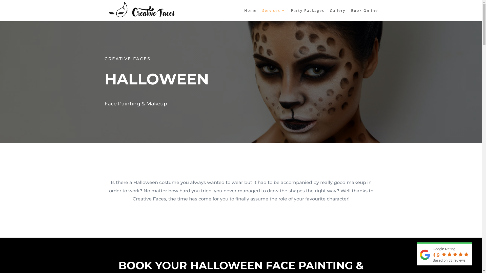  Describe the element at coordinates (307, 15) in the screenshot. I see `'Party Packages'` at that location.